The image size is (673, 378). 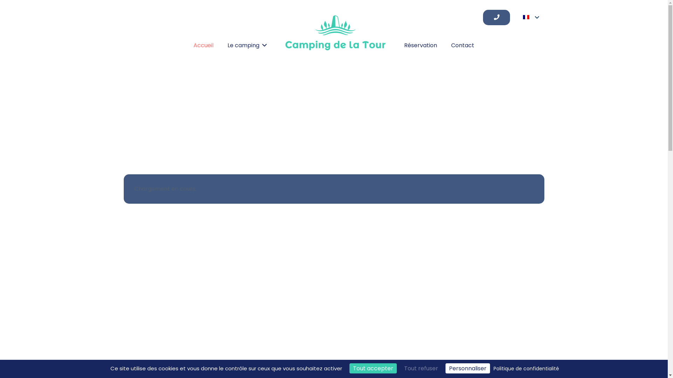 I want to click on 'Tout accepter', so click(x=372, y=368).